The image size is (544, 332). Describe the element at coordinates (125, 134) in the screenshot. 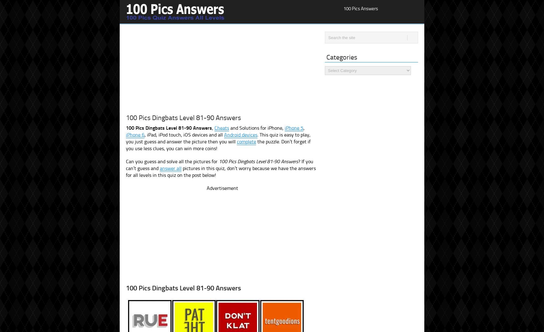

I see `'iPhone 6'` at that location.